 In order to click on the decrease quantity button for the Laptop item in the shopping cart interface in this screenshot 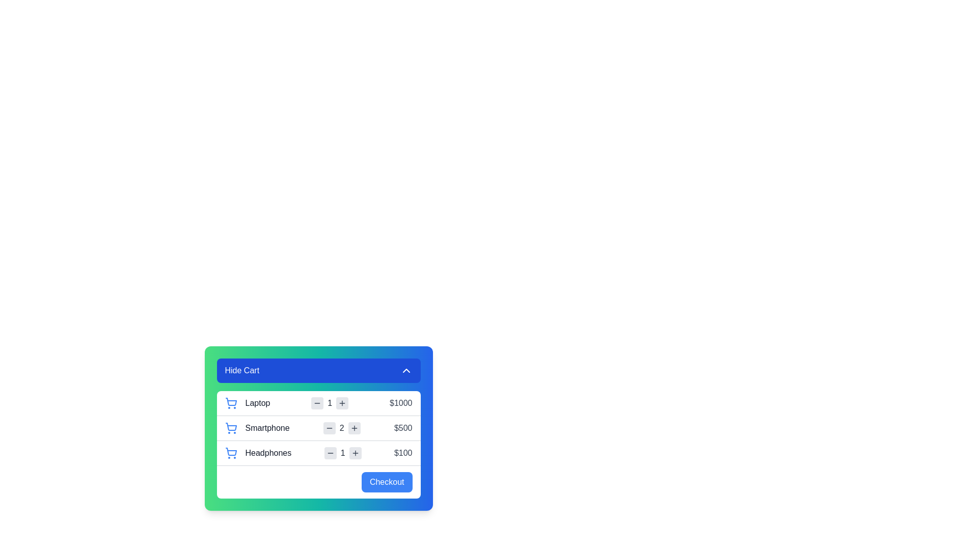, I will do `click(317, 402)`.